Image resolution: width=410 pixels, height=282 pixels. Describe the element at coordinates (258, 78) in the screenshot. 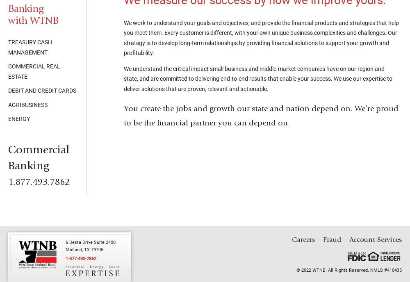

I see `'We understand the critical impact small business and middle-market companies have on our region and state, and are committed to delivering end-to-end results that enable your success. We use our expertise to deliver solutions that are proven, relevant and actionable.'` at that location.